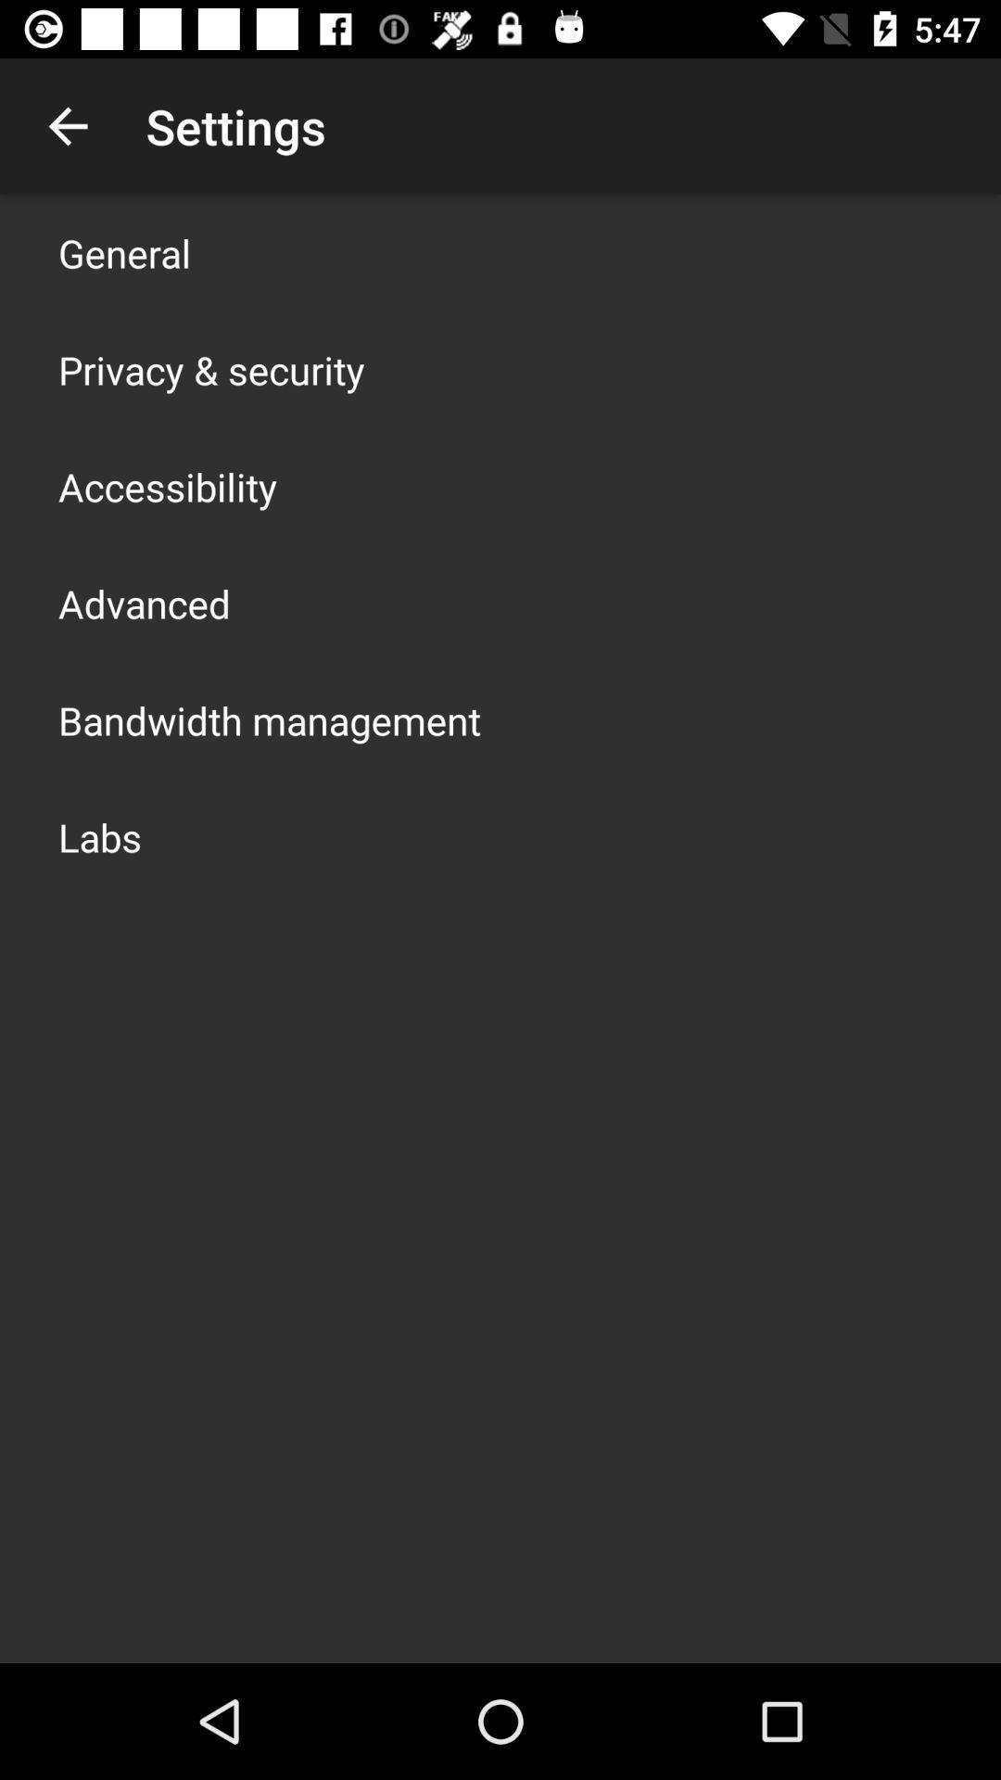  What do you see at coordinates (210, 369) in the screenshot?
I see `item below general app` at bounding box center [210, 369].